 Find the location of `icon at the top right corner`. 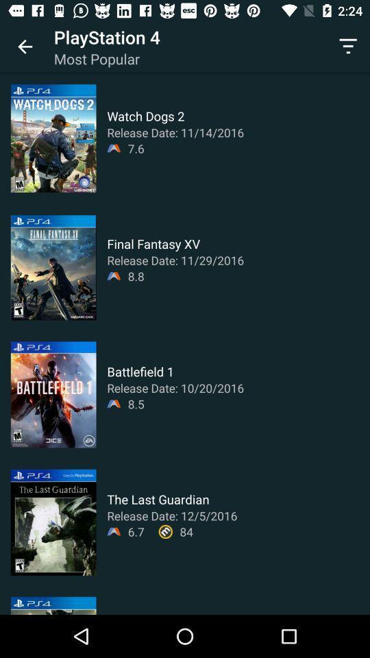

icon at the top right corner is located at coordinates (348, 47).